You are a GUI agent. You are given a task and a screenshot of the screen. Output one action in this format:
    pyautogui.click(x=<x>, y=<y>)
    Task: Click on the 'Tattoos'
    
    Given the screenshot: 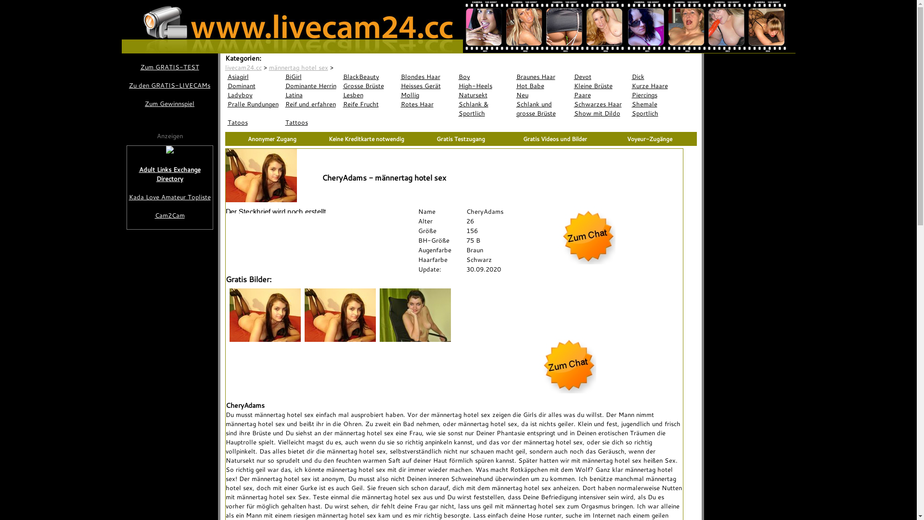 What is the action you would take?
    pyautogui.click(x=312, y=122)
    